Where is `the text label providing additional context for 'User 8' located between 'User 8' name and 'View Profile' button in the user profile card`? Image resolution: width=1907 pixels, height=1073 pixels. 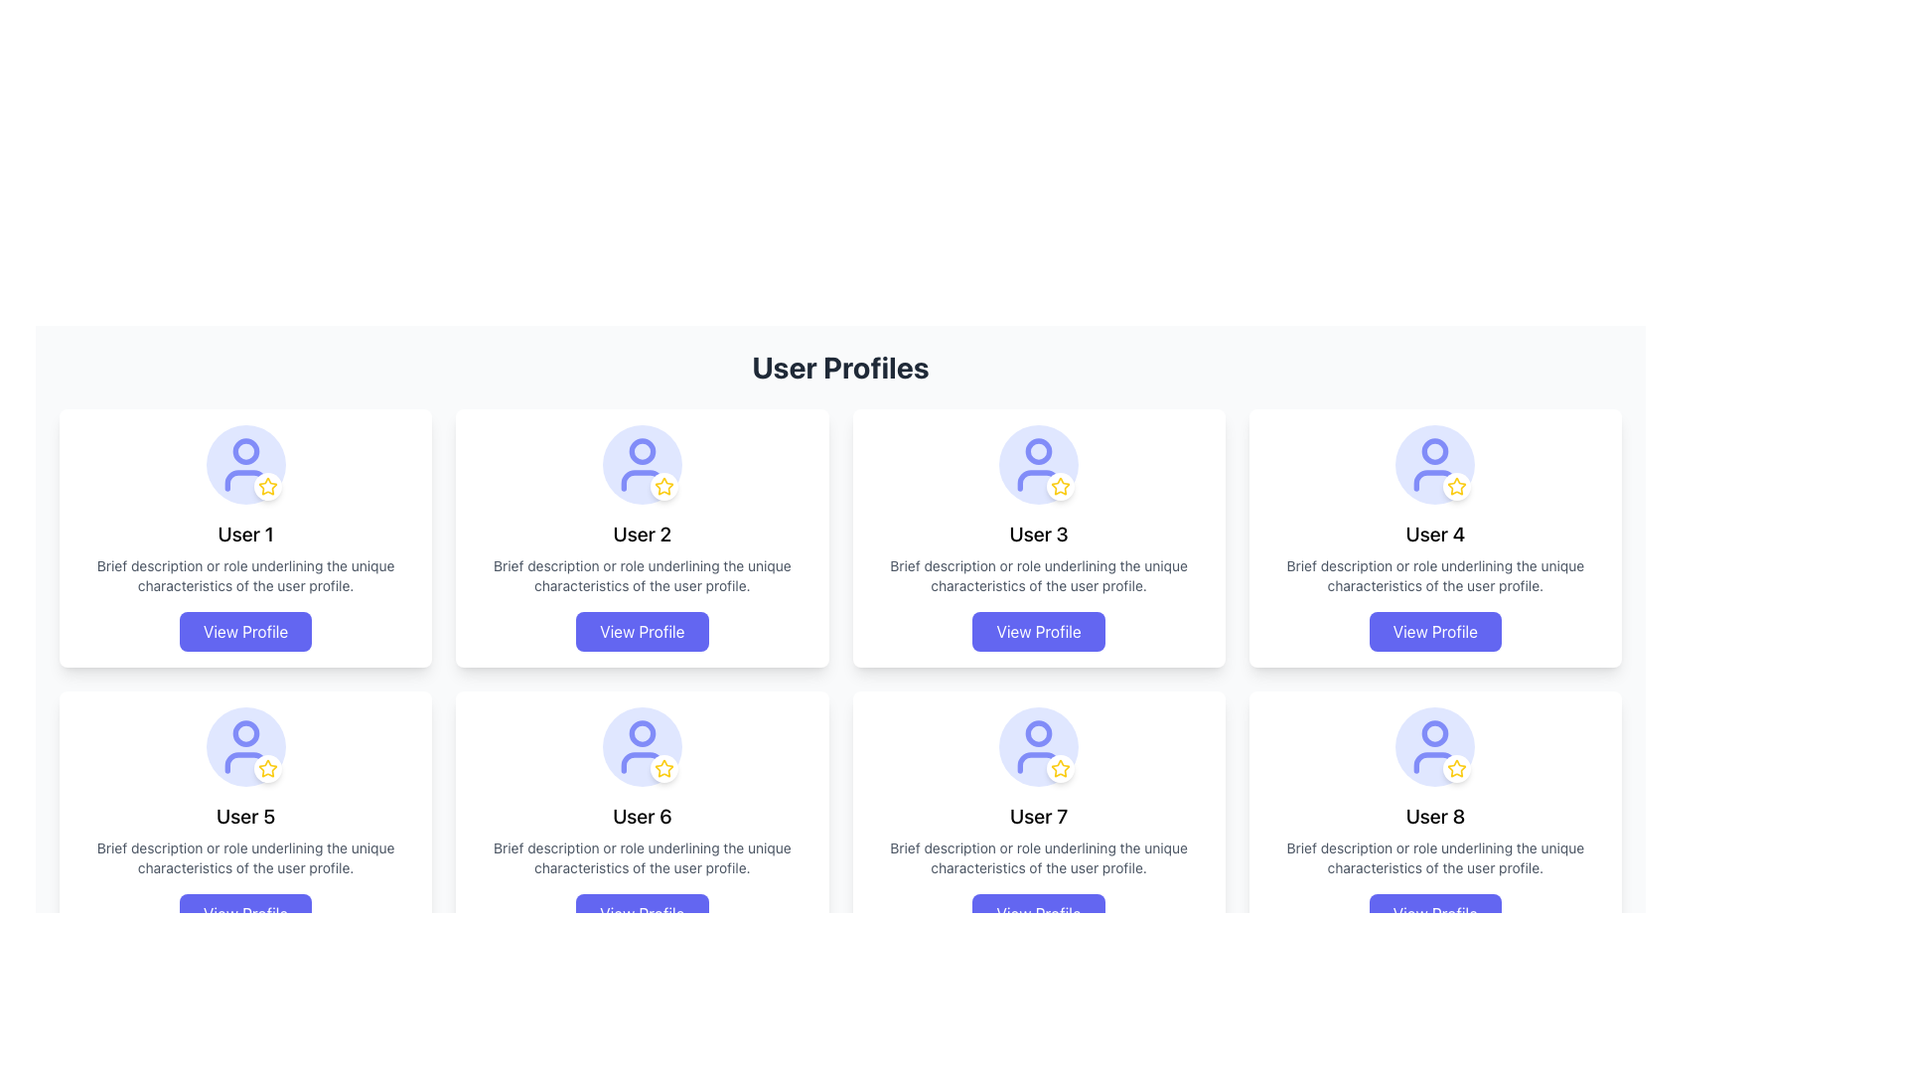
the text label providing additional context for 'User 8' located between 'User 8' name and 'View Profile' button in the user profile card is located at coordinates (1435, 857).